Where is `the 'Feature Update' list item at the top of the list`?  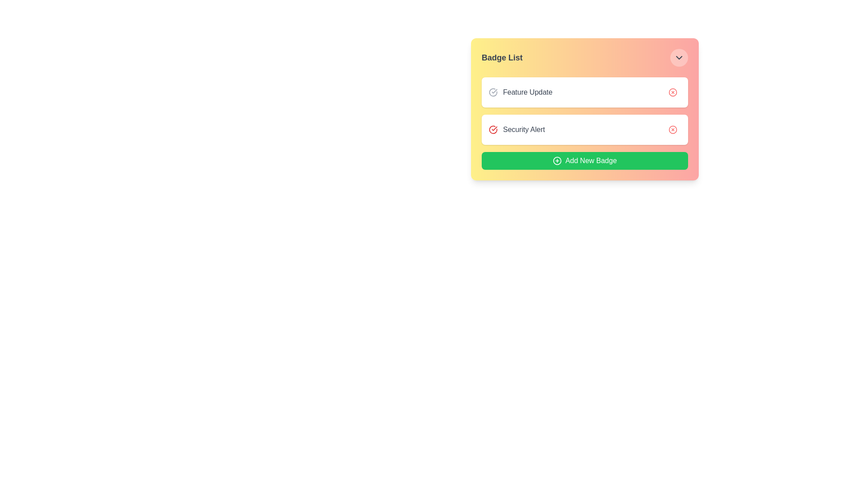 the 'Feature Update' list item at the top of the list is located at coordinates (520, 92).